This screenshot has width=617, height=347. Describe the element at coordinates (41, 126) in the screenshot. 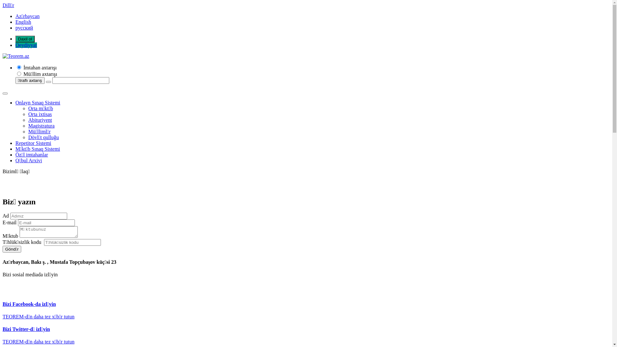

I see `'Magistratura'` at that location.